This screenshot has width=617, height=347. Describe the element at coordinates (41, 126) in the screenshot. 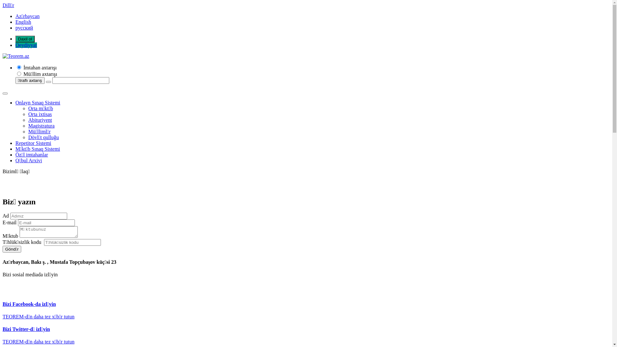

I see `'Magistratura'` at that location.